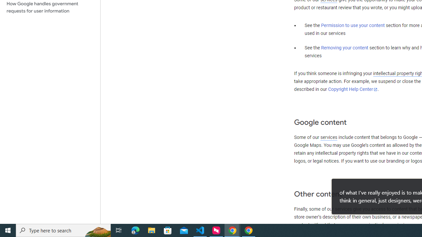  What do you see at coordinates (344, 47) in the screenshot?
I see `'Removing your content'` at bounding box center [344, 47].